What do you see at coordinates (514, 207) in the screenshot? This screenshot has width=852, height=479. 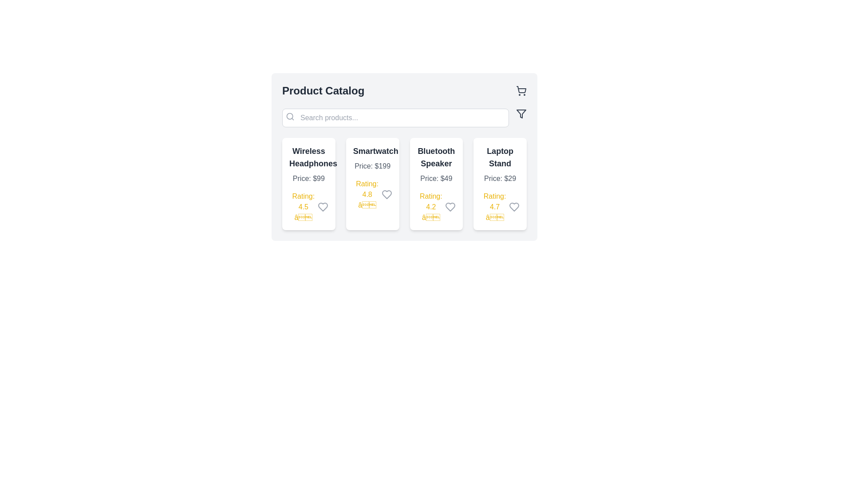 I see `the heart-shaped interactive icon button with a gray outline located` at bounding box center [514, 207].